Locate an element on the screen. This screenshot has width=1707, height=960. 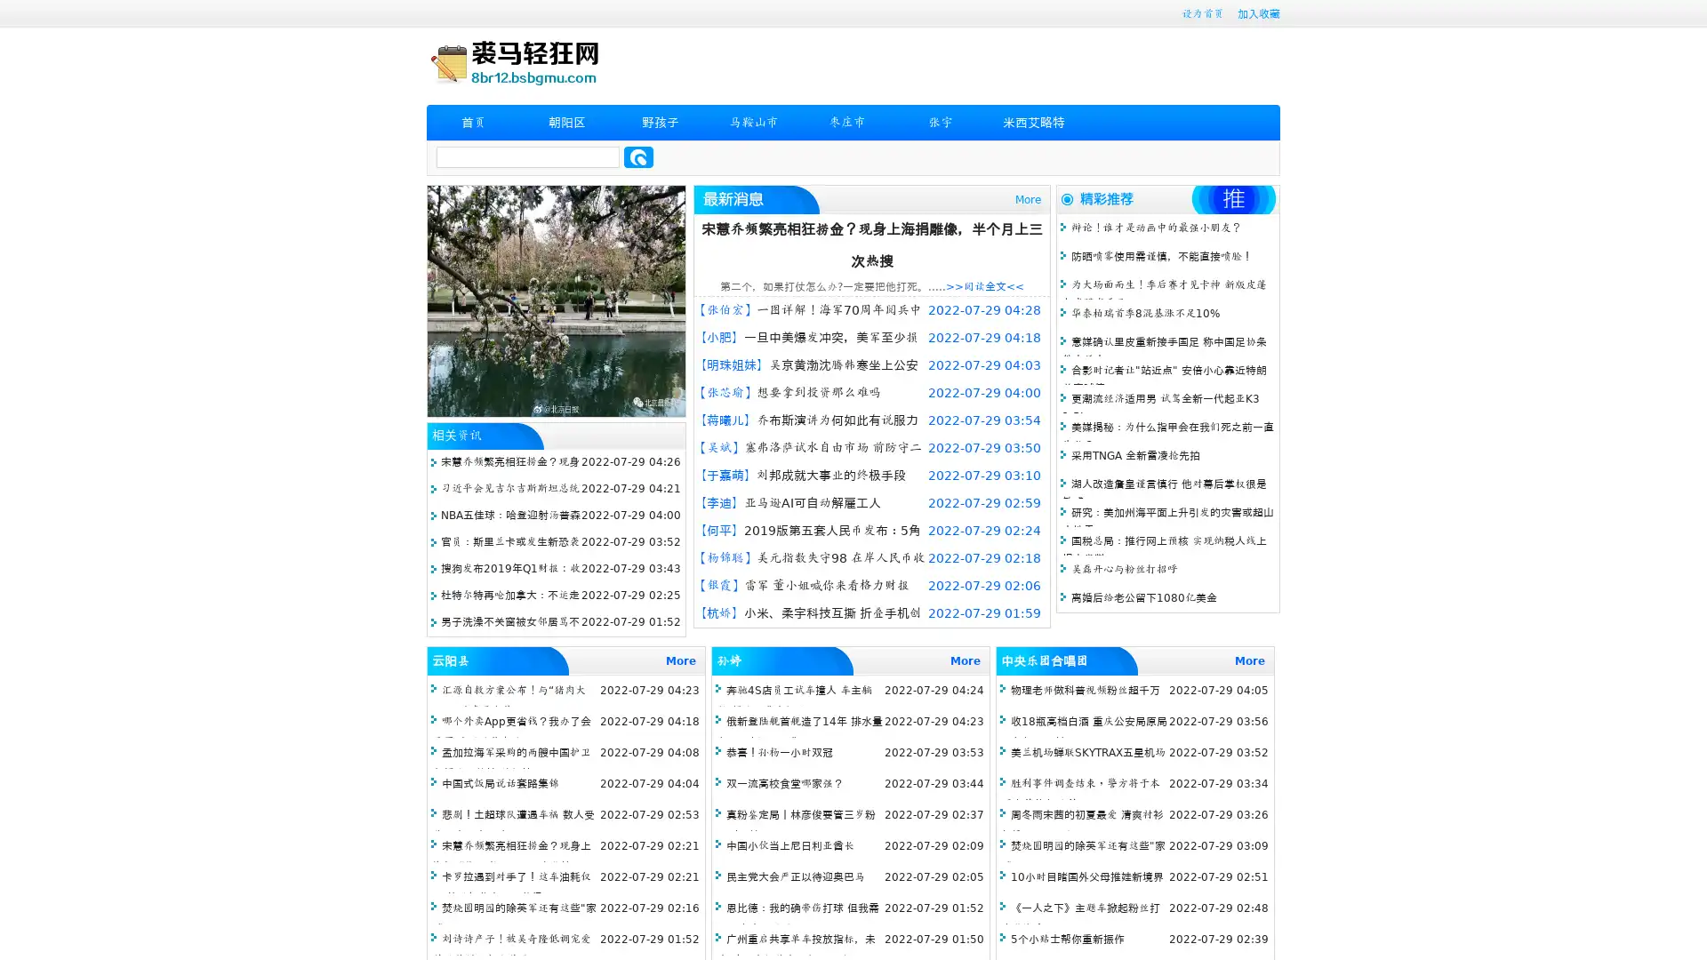
Search is located at coordinates (638, 156).